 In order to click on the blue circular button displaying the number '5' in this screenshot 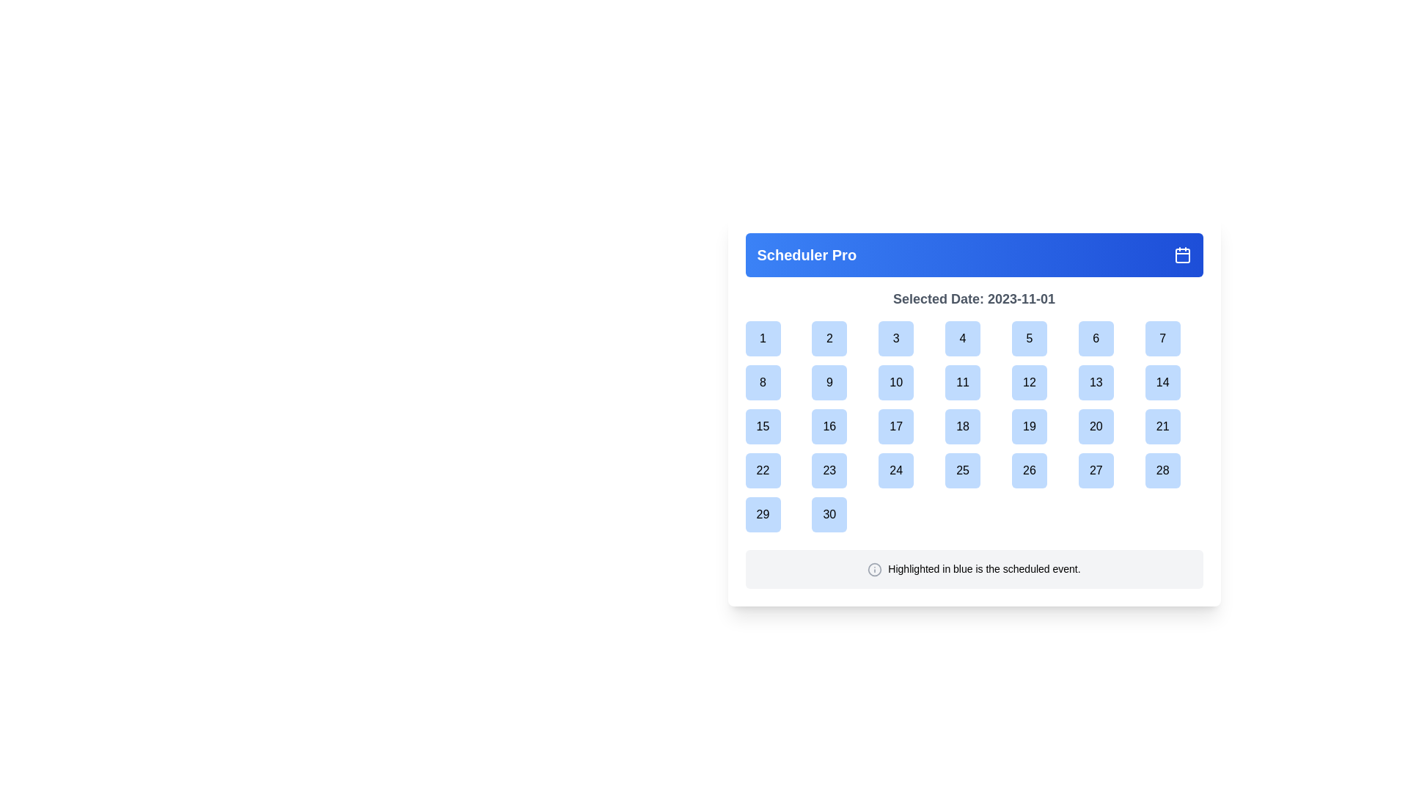, I will do `click(1028, 339)`.